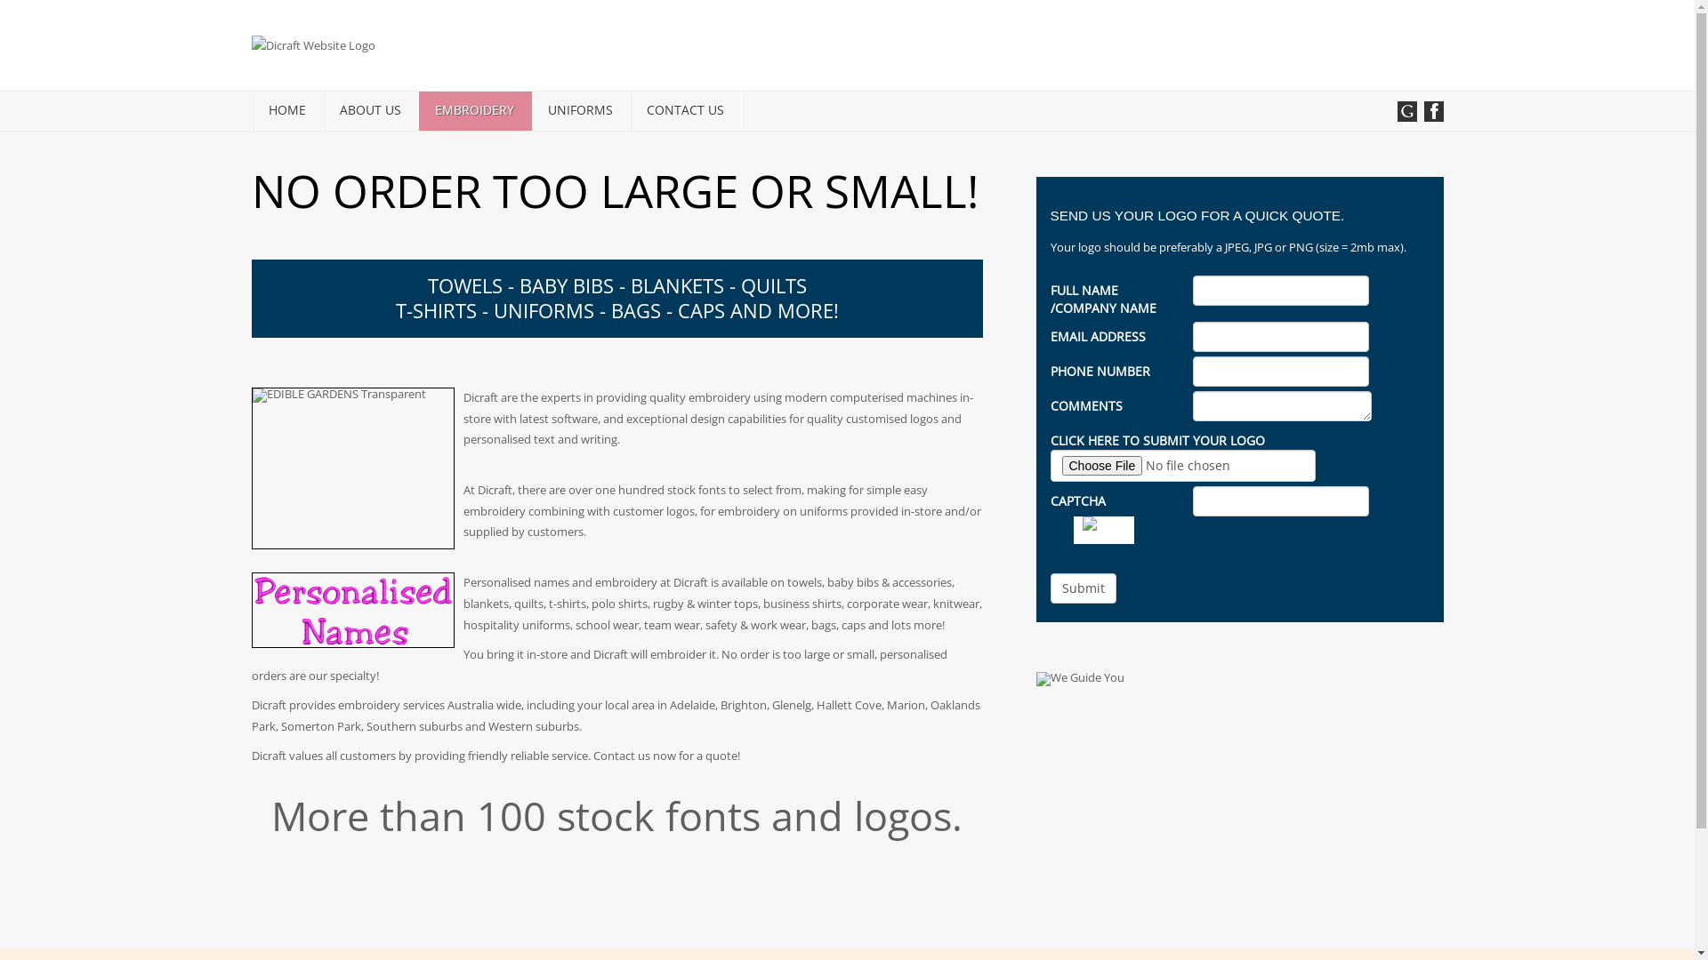  Describe the element at coordinates (369, 109) in the screenshot. I see `'ABOUT US'` at that location.